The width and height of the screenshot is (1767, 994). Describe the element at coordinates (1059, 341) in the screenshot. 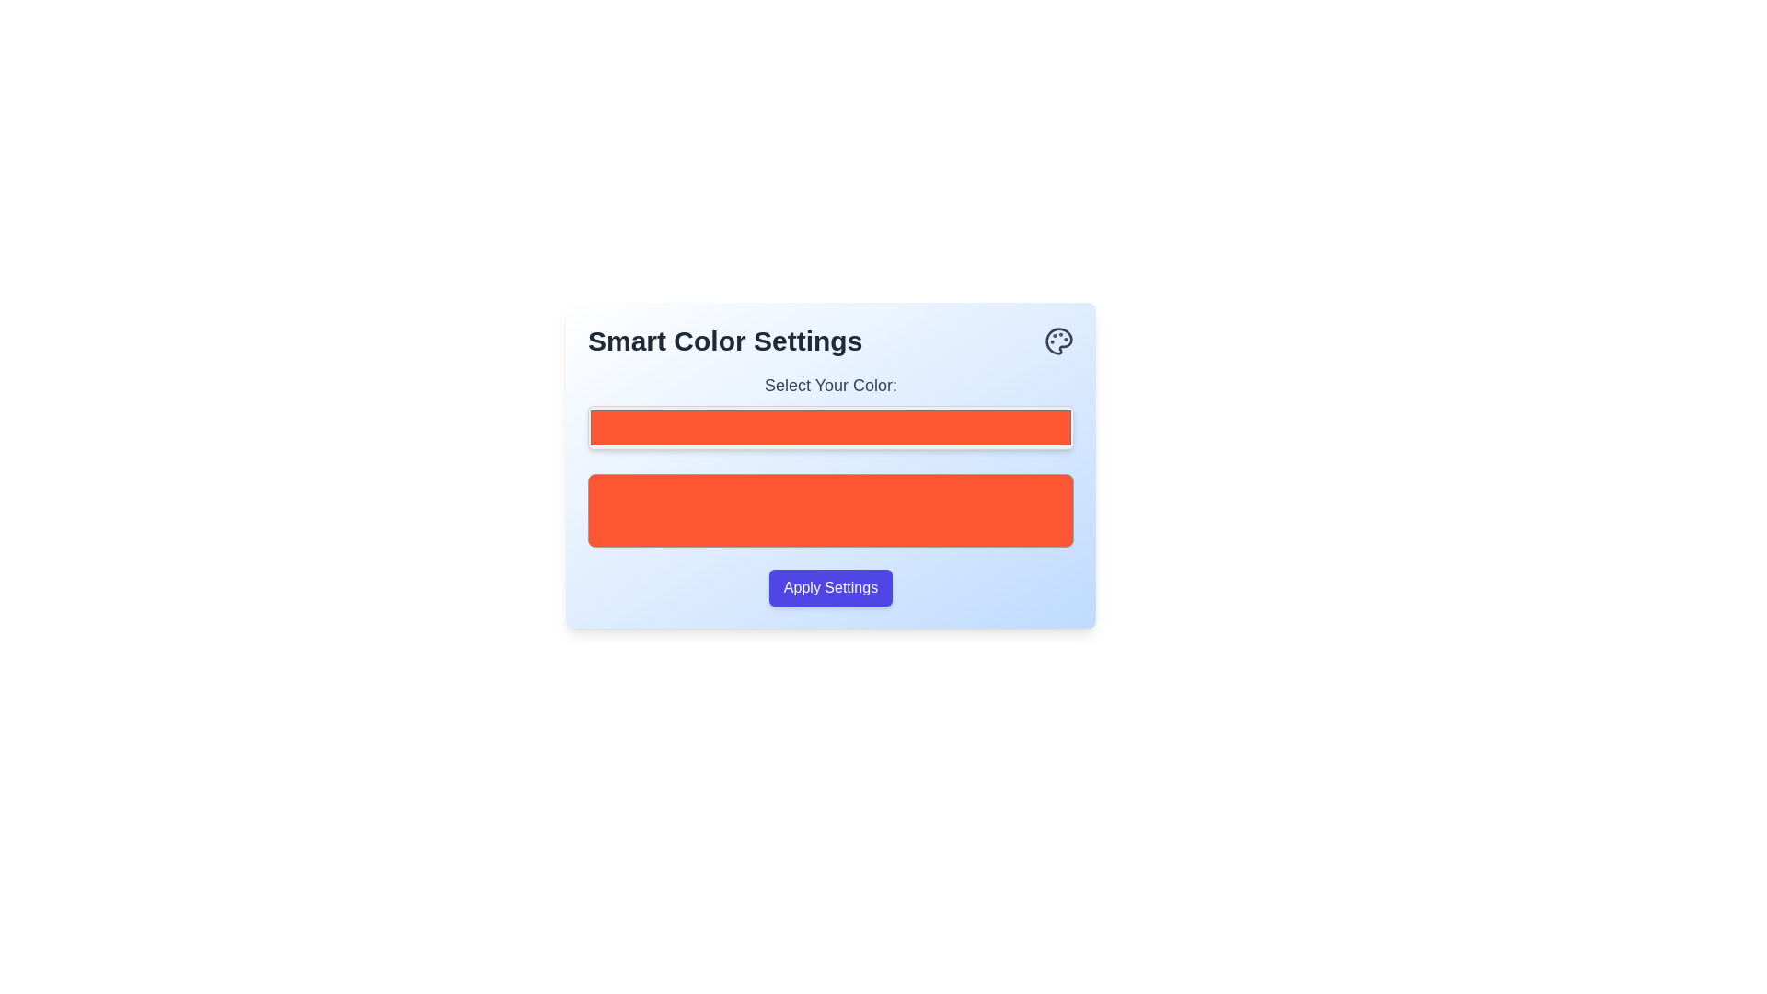

I see `the icon located at the top-right corner of the 'Smart Color Settings' section` at that location.